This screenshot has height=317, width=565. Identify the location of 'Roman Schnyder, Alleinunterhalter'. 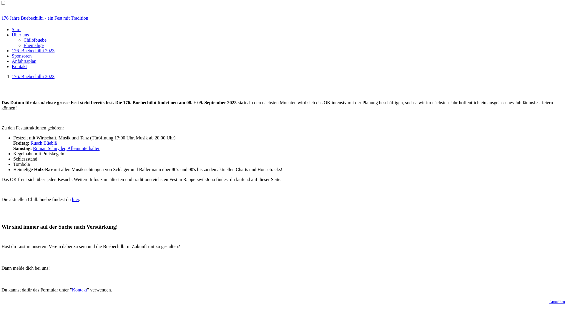
(66, 148).